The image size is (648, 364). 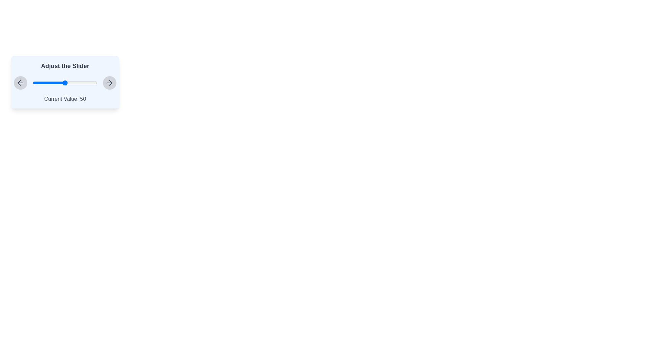 I want to click on the slider, so click(x=55, y=83).